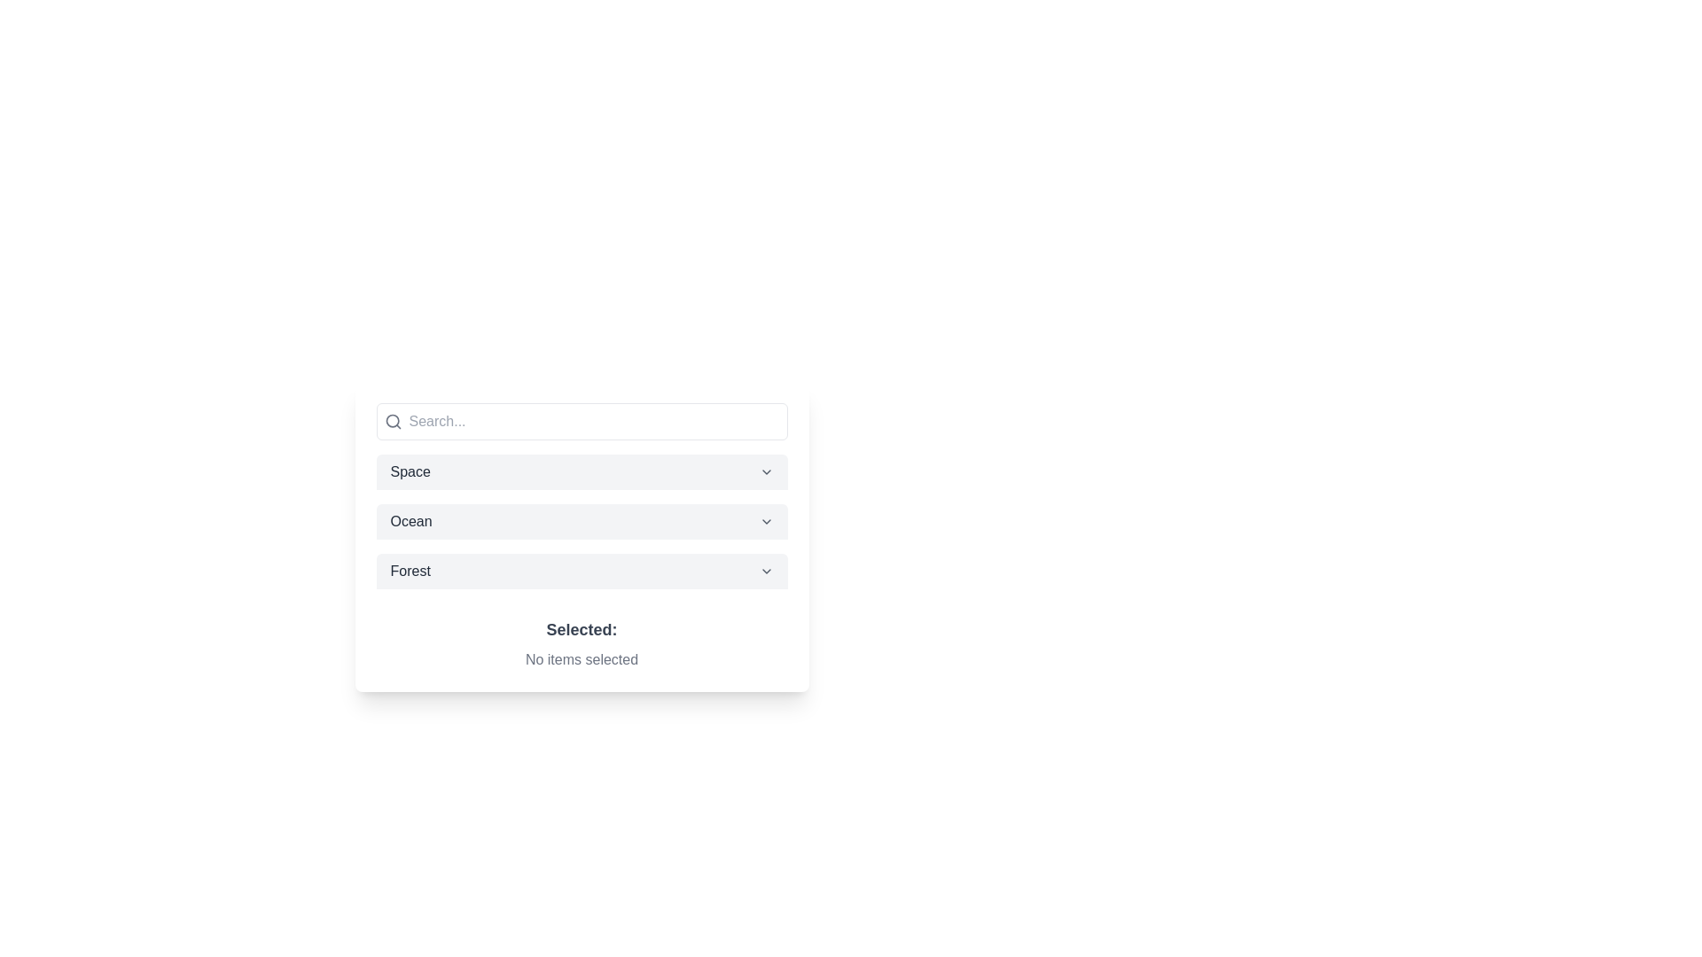 This screenshot has width=1702, height=957. I want to click on the 'Forest' option in the dropdown menu, so click(582, 571).